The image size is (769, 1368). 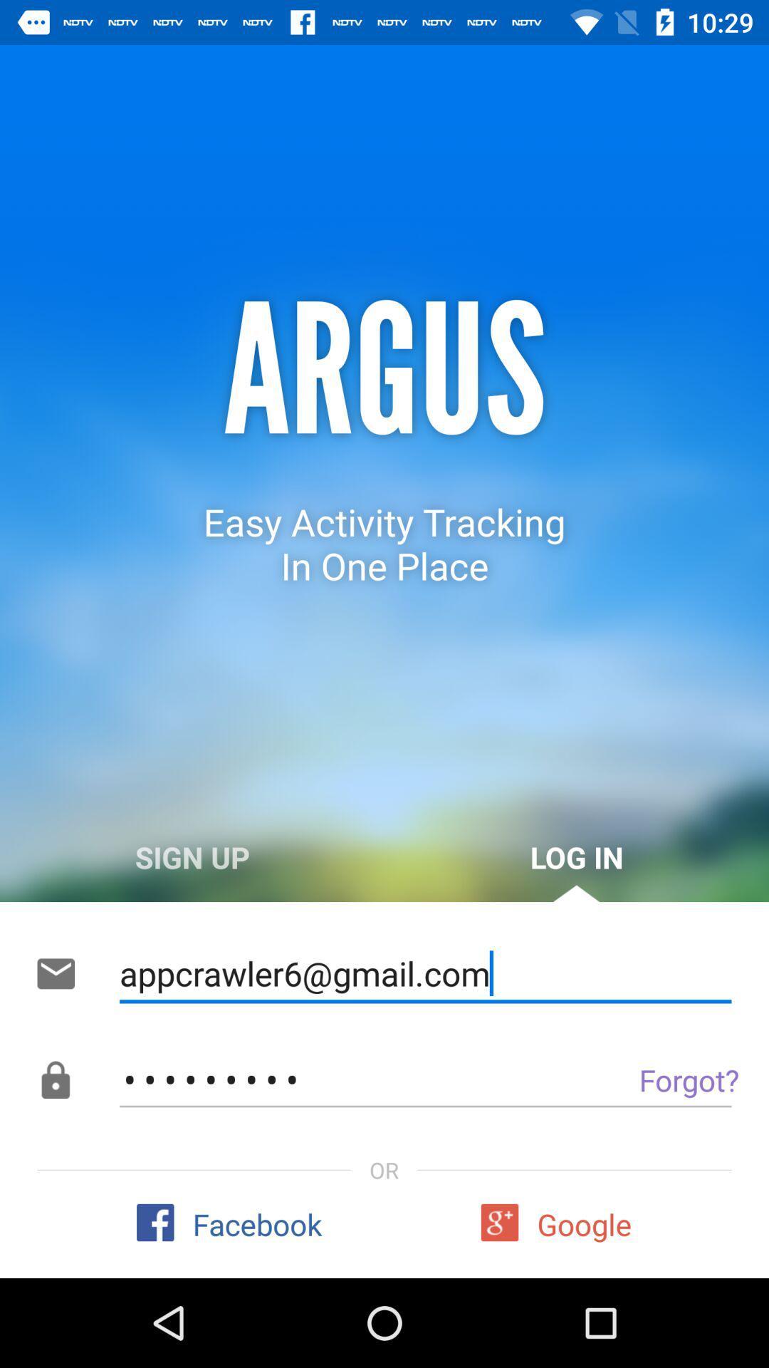 What do you see at coordinates (192, 856) in the screenshot?
I see `item below easy activity tracking item` at bounding box center [192, 856].